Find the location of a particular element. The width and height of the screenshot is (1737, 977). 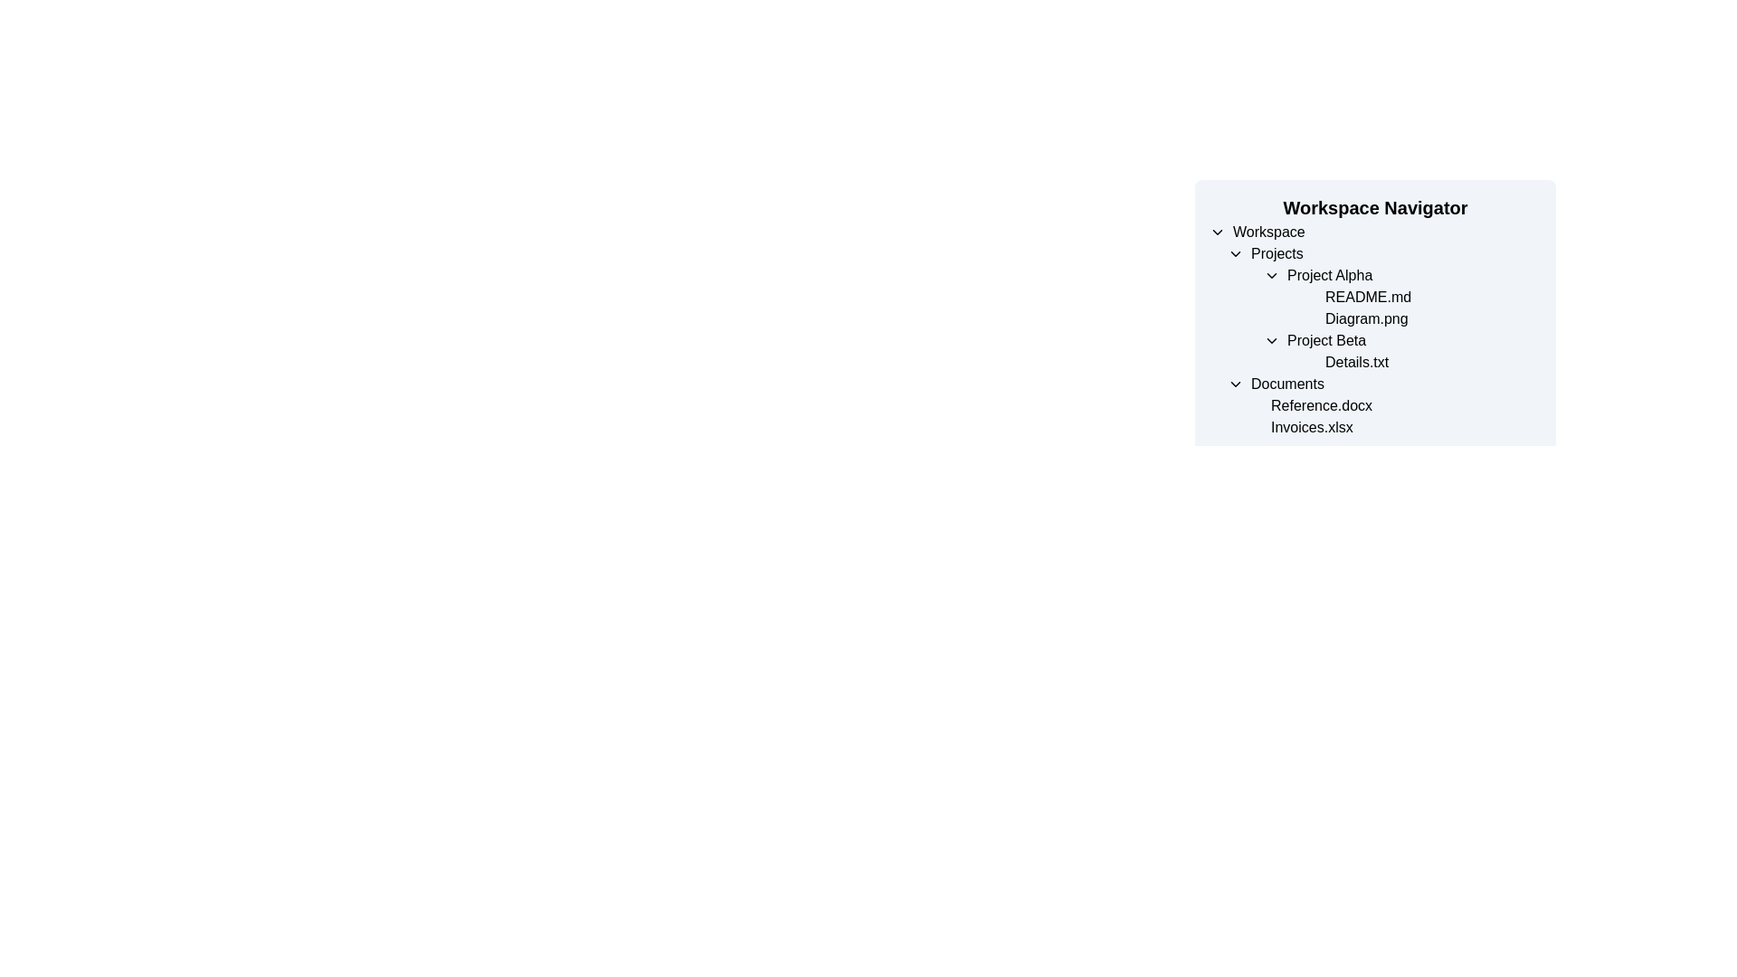

the text label displaying the filename 'Diagram.png' is located at coordinates (1366, 318).